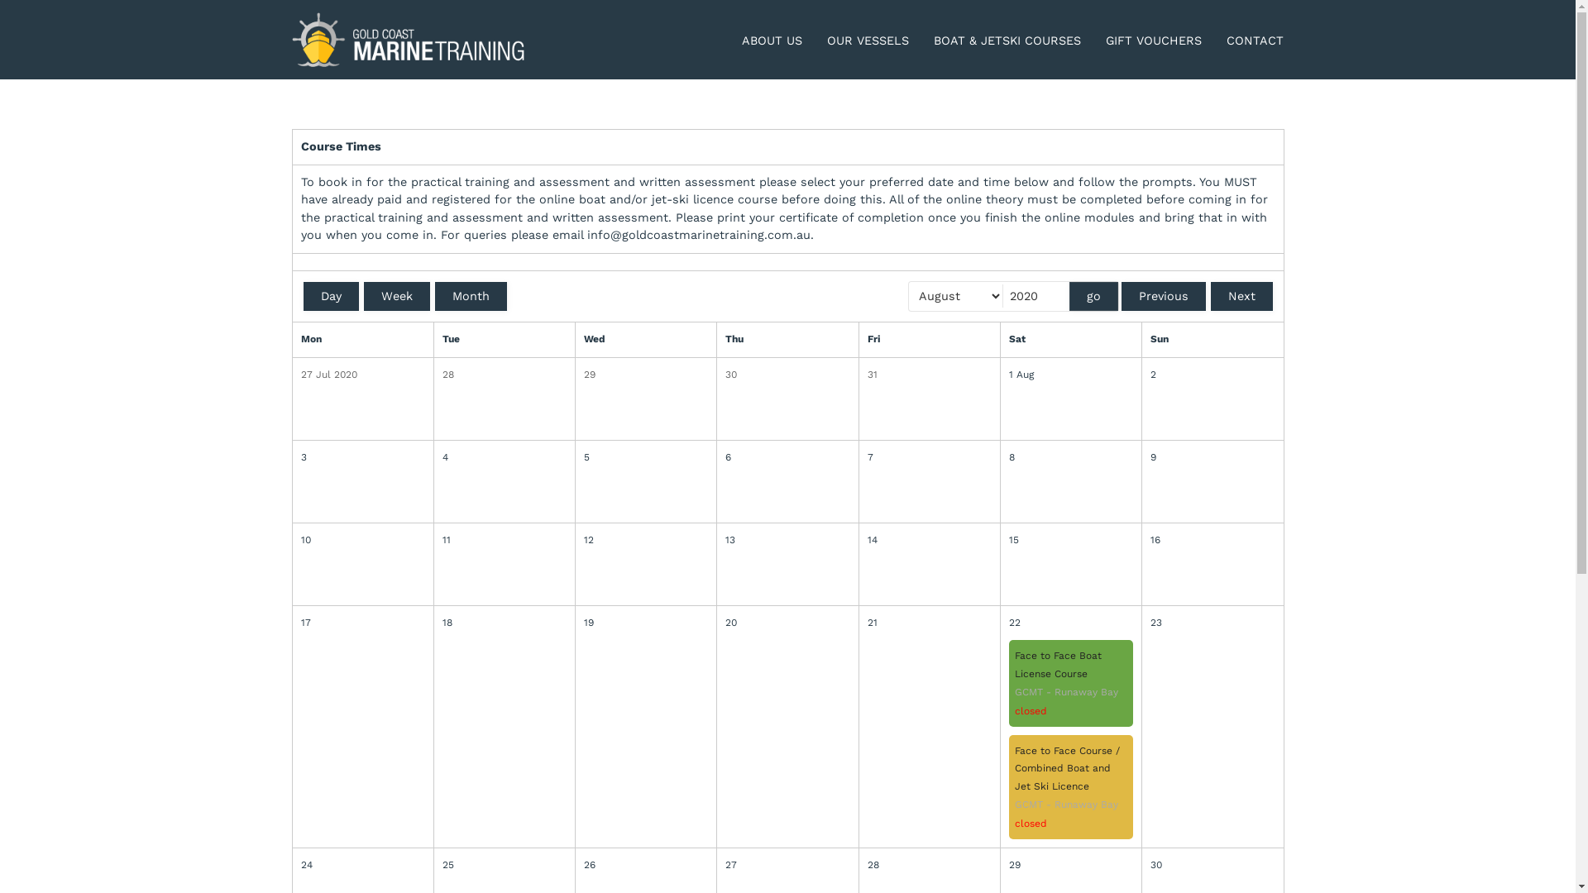  I want to click on 'Previous', so click(1162, 295).